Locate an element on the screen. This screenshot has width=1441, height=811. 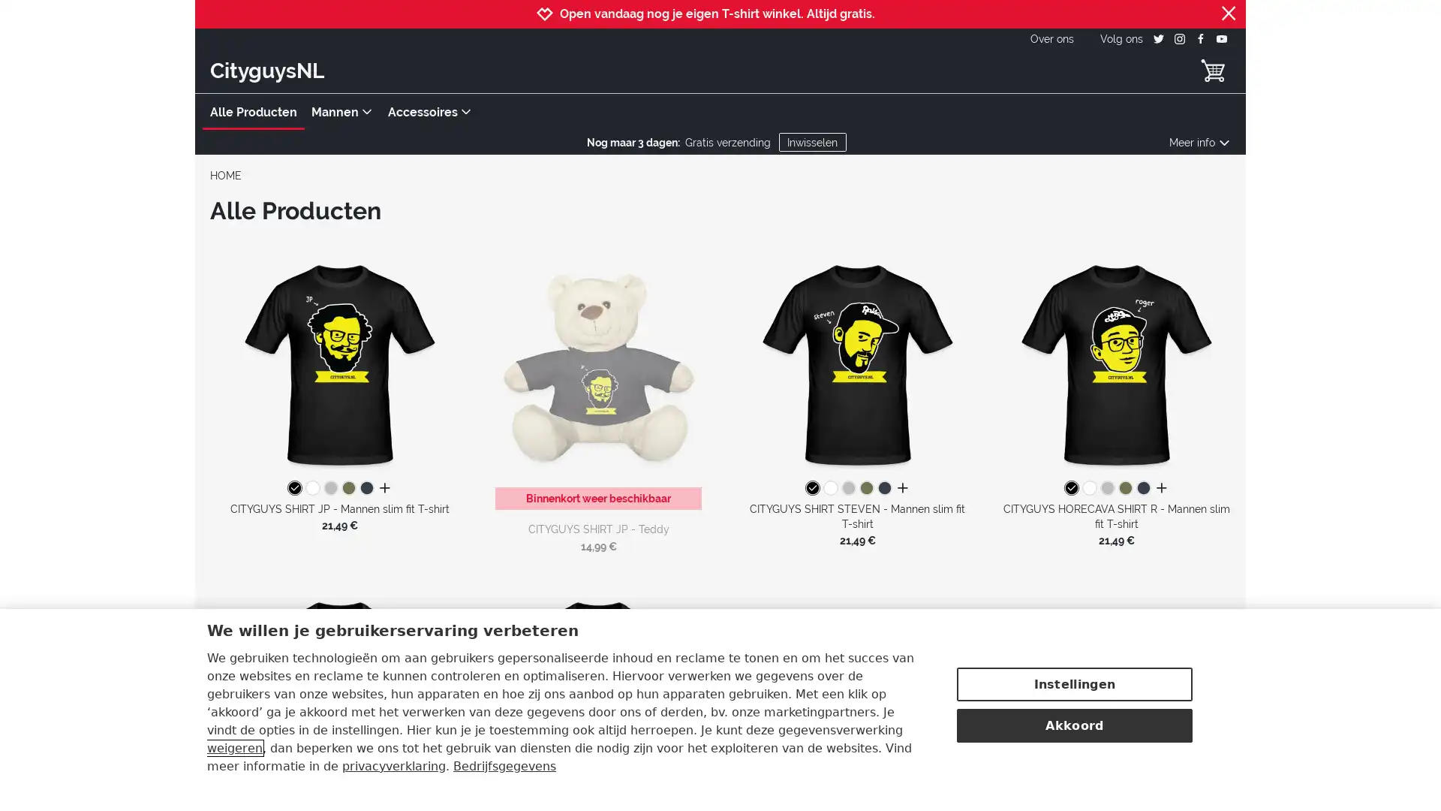
Akkoord is located at coordinates (1073, 723).